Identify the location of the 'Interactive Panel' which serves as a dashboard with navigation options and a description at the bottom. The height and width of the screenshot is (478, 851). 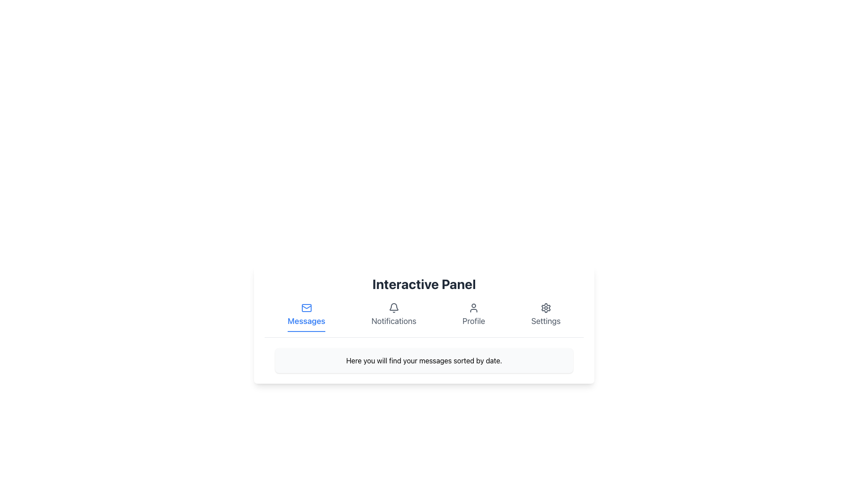
(423, 324).